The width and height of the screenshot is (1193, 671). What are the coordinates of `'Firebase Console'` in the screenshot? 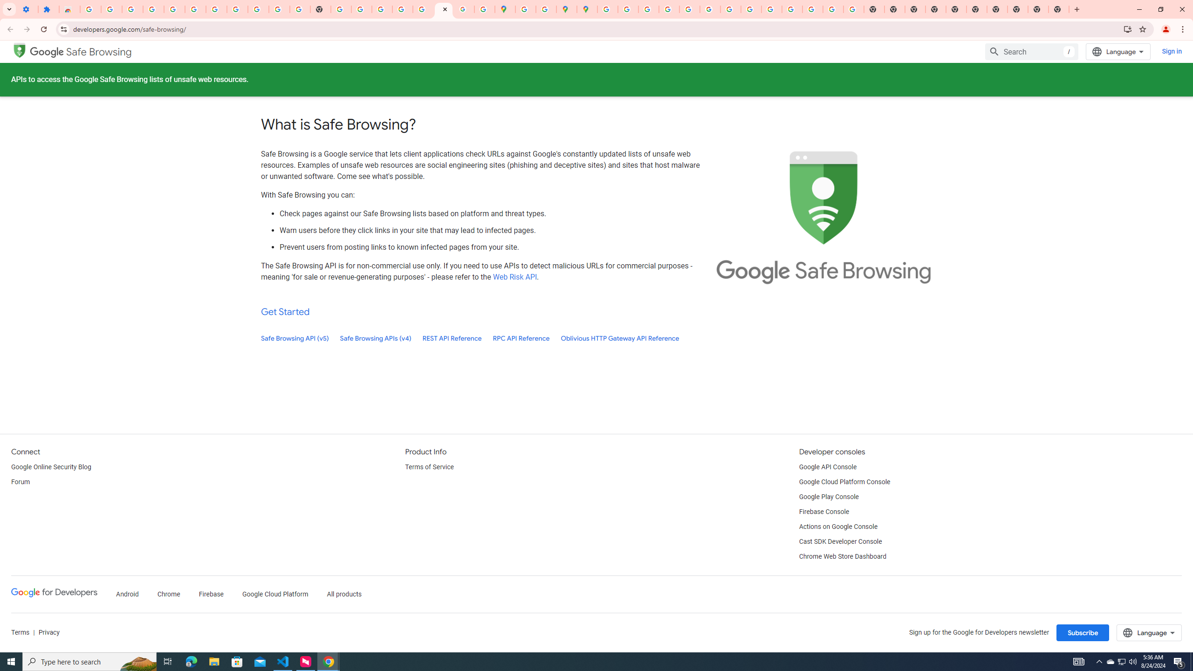 It's located at (824, 512).